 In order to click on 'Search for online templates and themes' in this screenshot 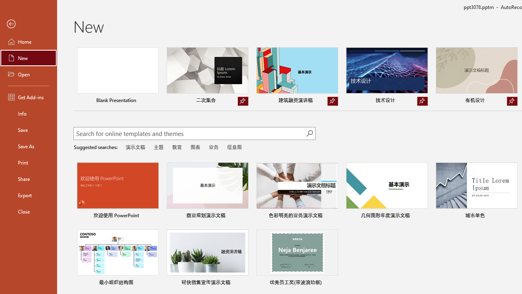, I will do `click(189, 134)`.